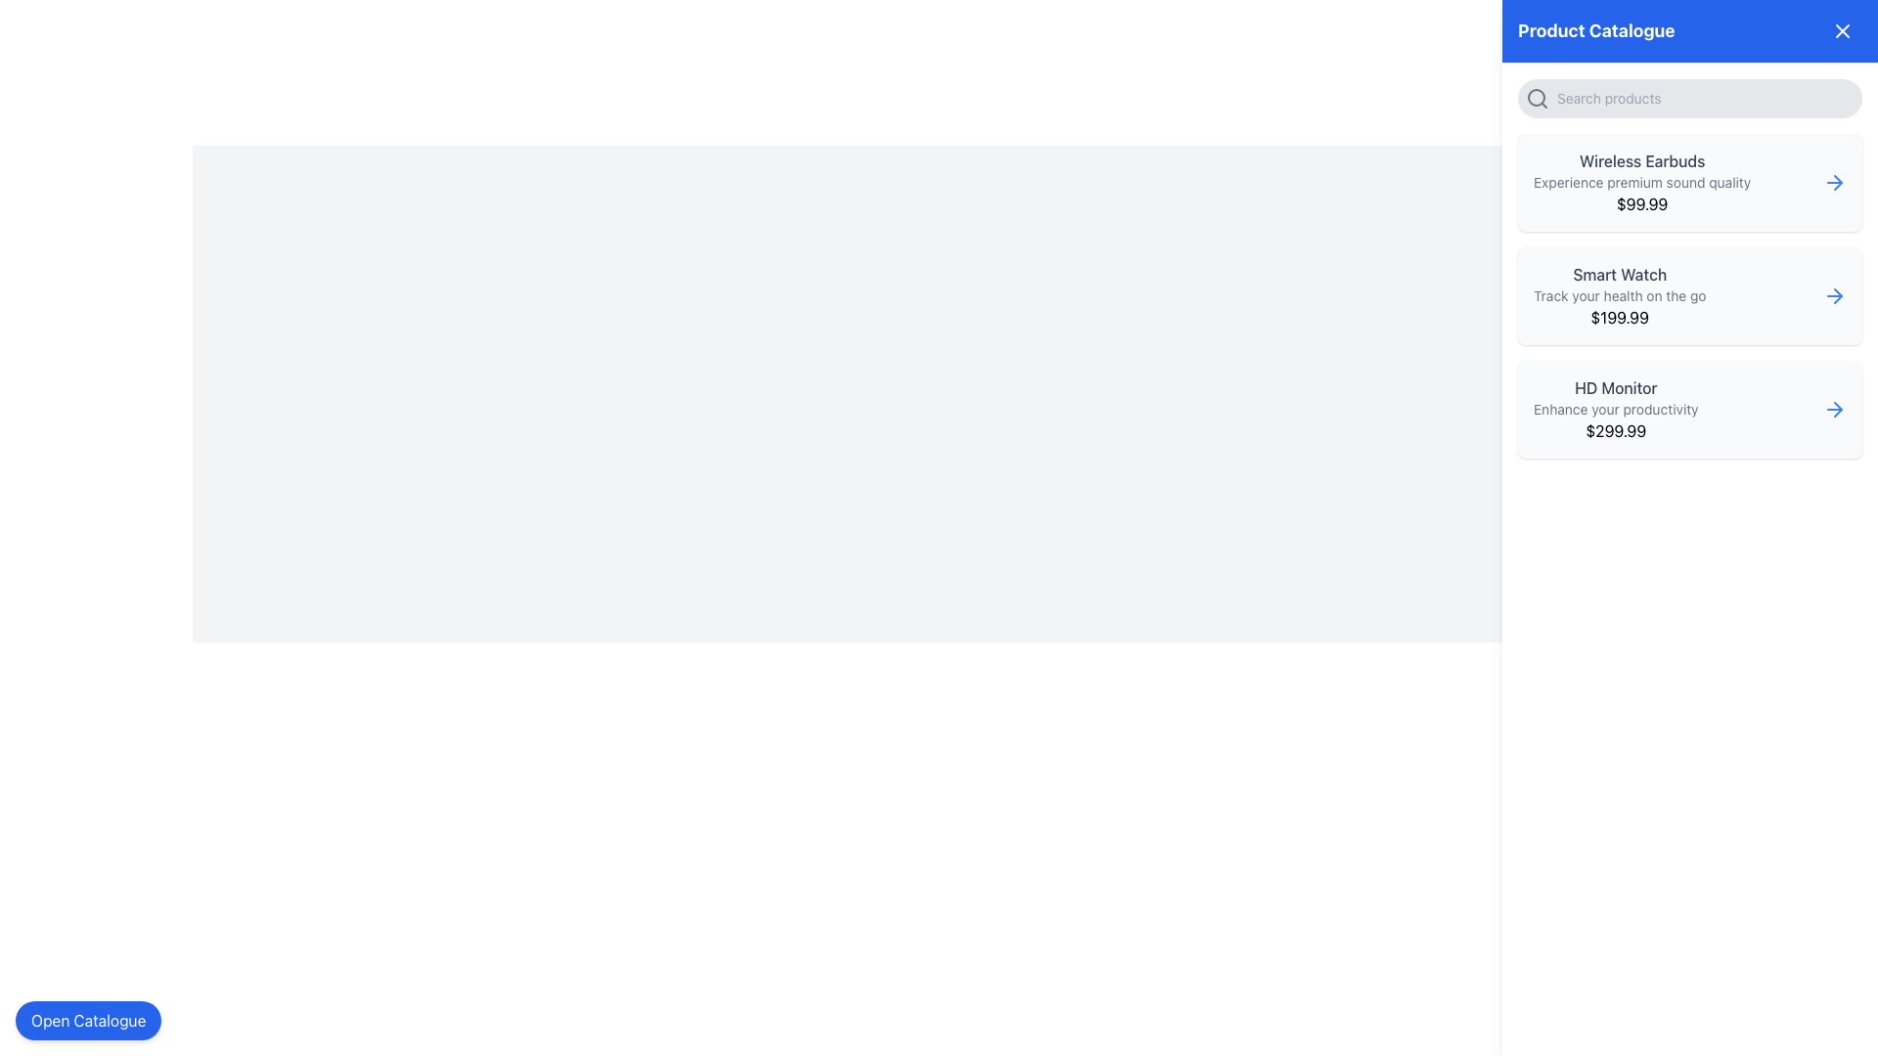 This screenshot has width=1878, height=1056. I want to click on the price label displaying '$199.99' in bold black text located at the bottom of the 'Smart Watch' section, so click(1620, 316).